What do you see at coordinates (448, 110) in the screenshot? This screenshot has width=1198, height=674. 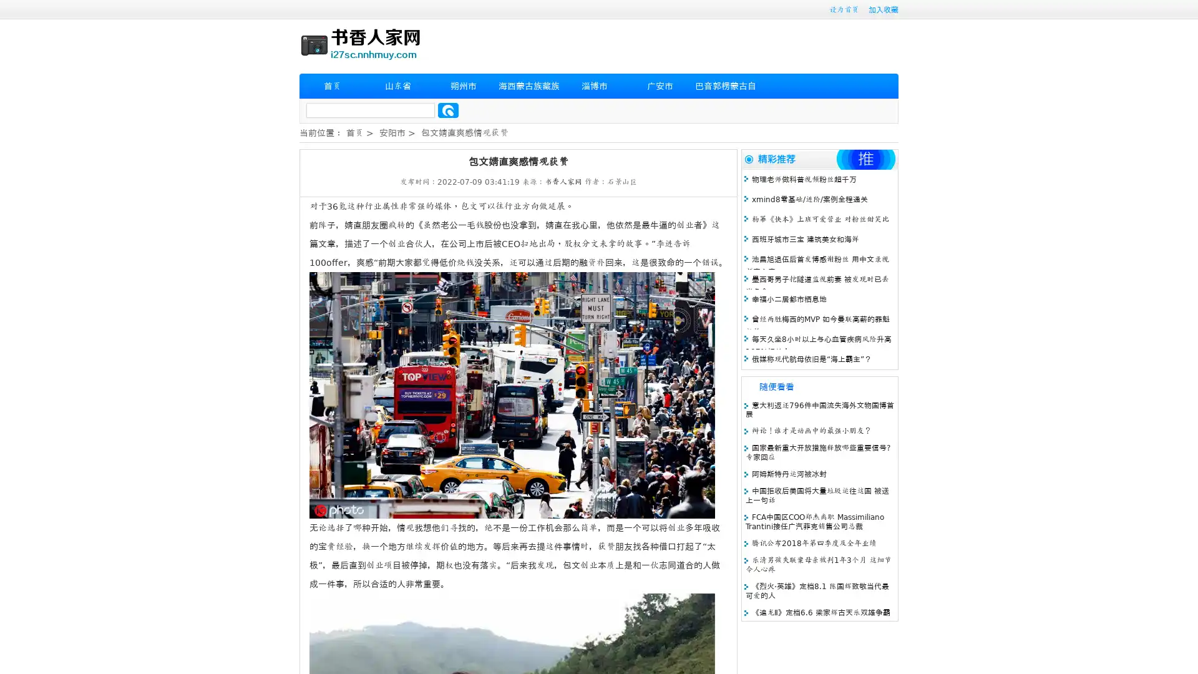 I see `Search` at bounding box center [448, 110].